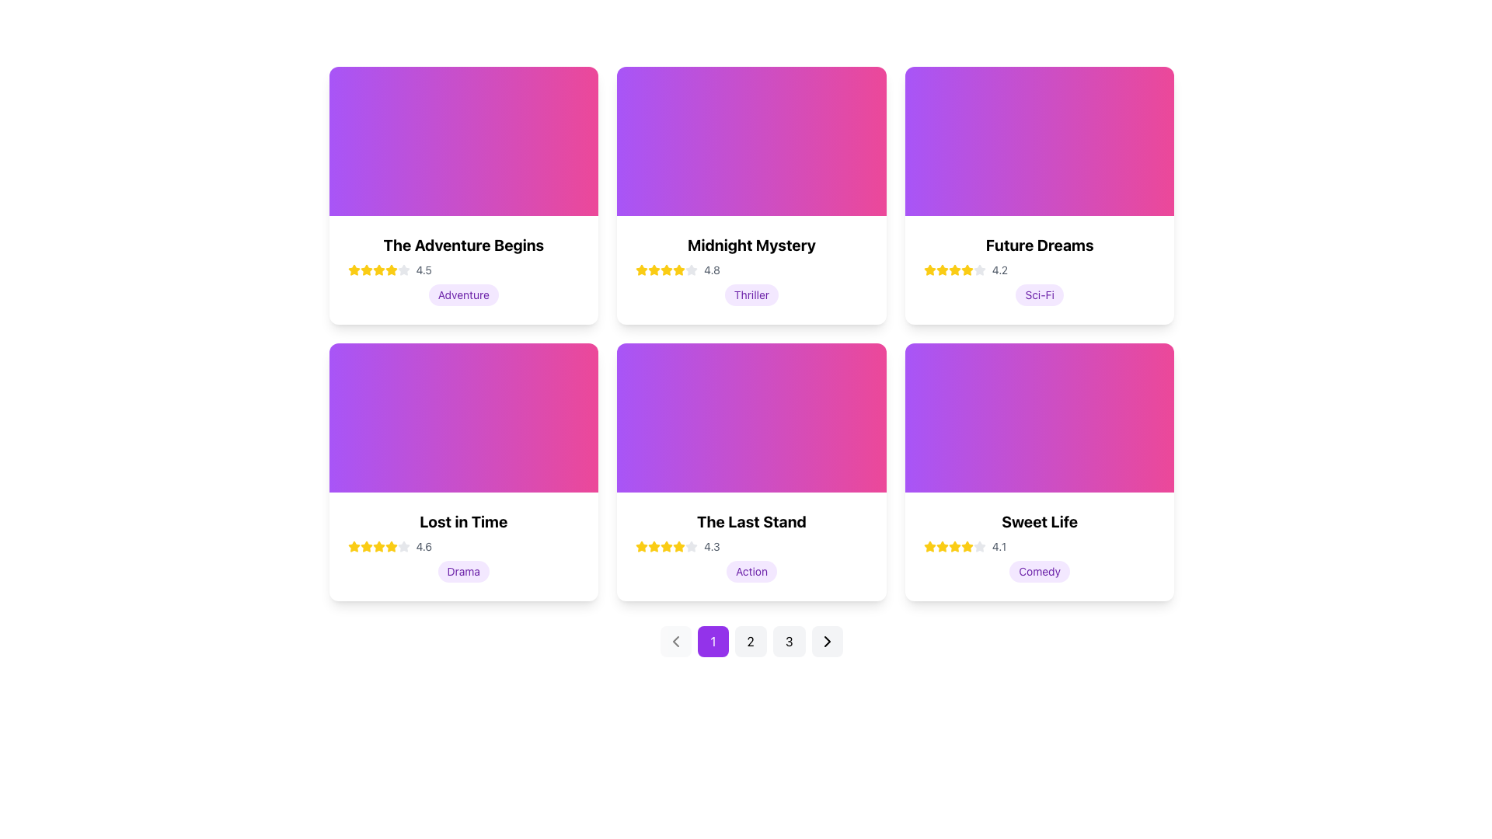 The height and width of the screenshot is (839, 1492). I want to click on the first numbered button in the pagination control group, so click(712, 641).